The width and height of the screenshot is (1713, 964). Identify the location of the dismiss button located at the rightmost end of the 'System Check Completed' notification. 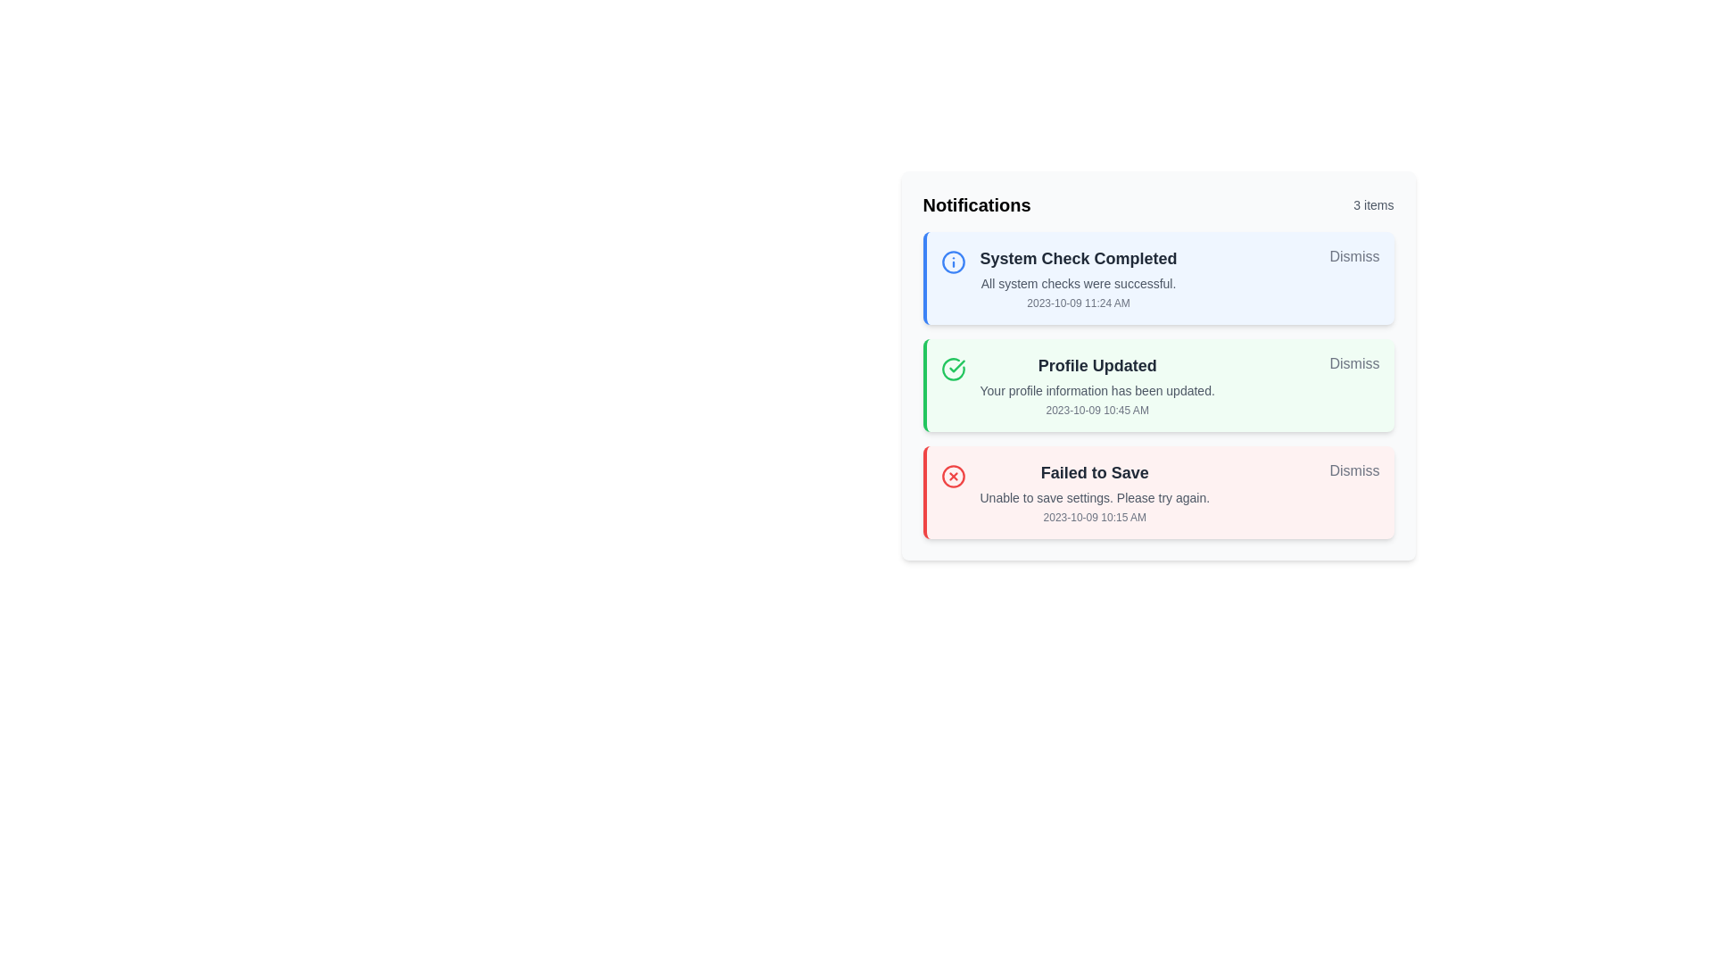
(1354, 257).